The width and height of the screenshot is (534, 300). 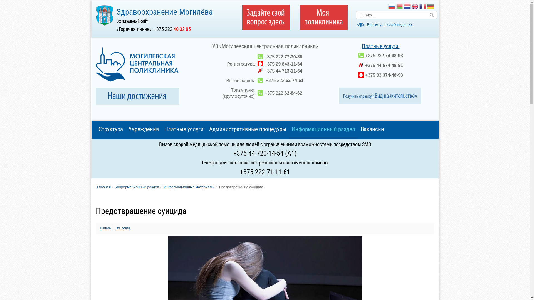 I want to click on 'Dutch', so click(x=407, y=6).